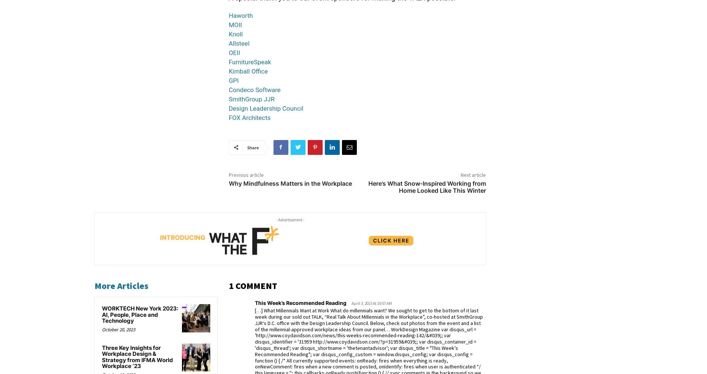 The width and height of the screenshot is (707, 374). Describe the element at coordinates (228, 34) in the screenshot. I see `'Knoll'` at that location.